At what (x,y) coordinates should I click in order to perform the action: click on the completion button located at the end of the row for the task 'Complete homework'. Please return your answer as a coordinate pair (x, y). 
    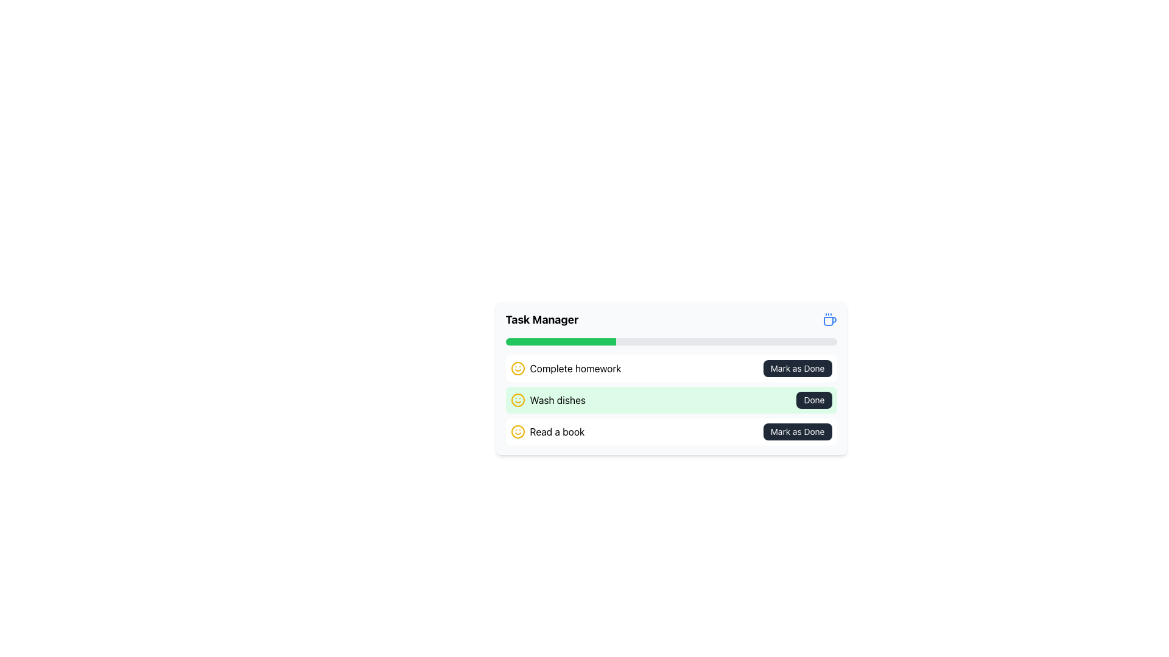
    Looking at the image, I should click on (798, 367).